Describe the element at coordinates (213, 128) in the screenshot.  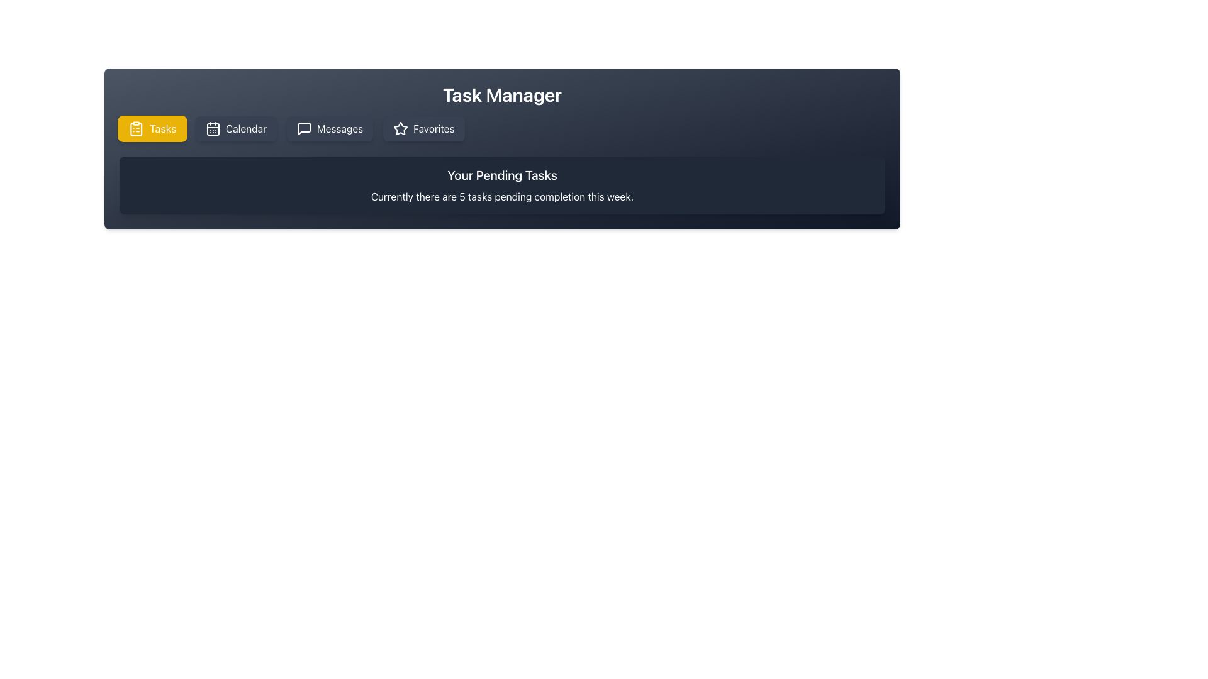
I see `the calendar icon, which is part of the active 'Calendar' button in the navigation bar` at that location.